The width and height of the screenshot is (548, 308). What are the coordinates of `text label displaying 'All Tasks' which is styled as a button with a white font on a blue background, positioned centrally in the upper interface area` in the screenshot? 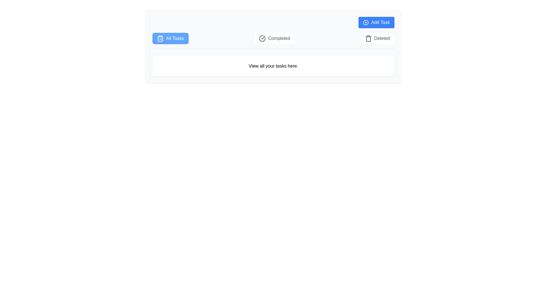 It's located at (175, 38).